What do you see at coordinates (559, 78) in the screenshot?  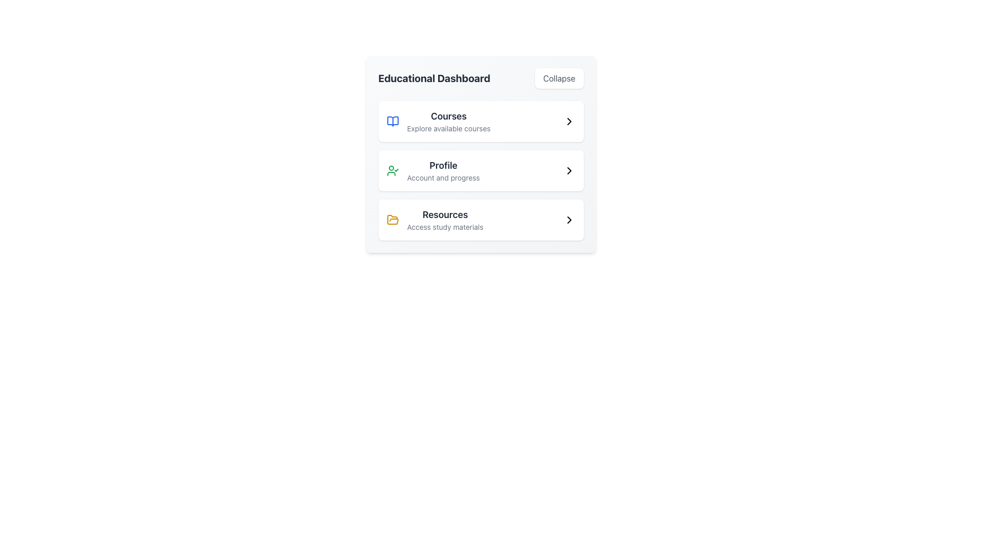 I see `the button located on the top-right corner of the 'Educational Dashboard' section` at bounding box center [559, 78].